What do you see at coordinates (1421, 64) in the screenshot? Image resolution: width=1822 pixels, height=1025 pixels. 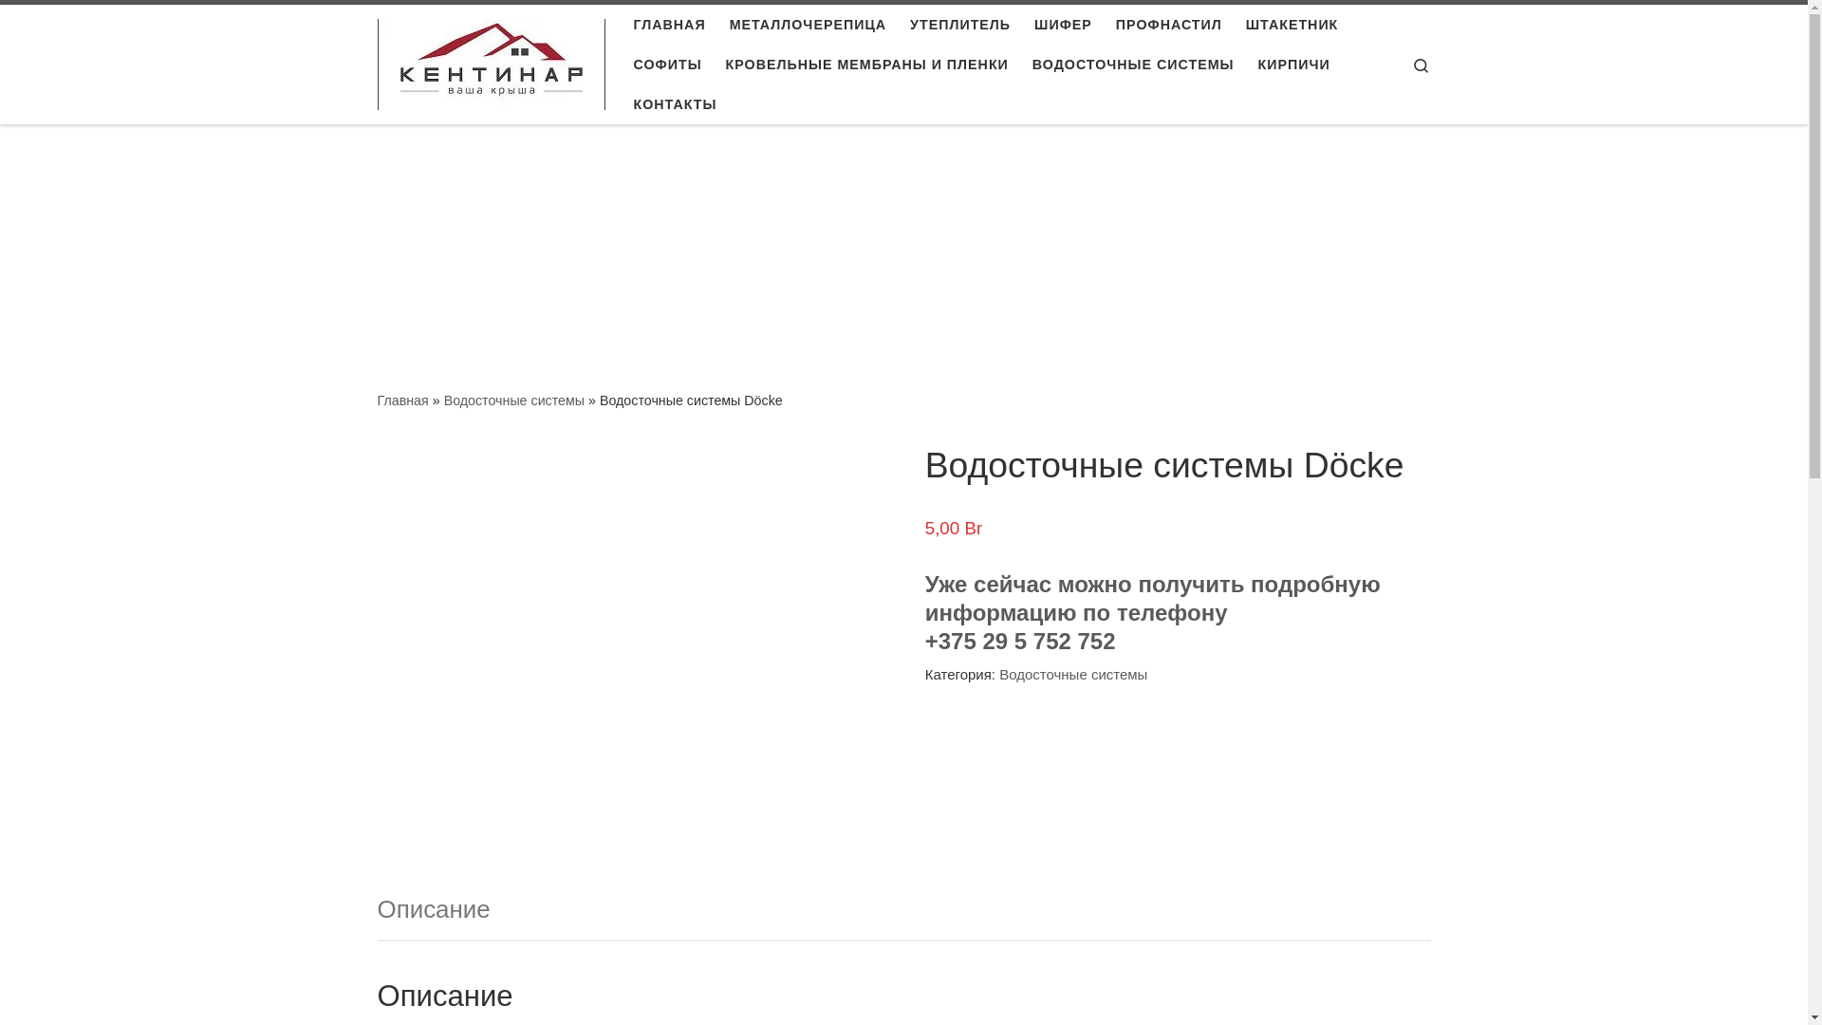 I see `'Search'` at bounding box center [1421, 64].